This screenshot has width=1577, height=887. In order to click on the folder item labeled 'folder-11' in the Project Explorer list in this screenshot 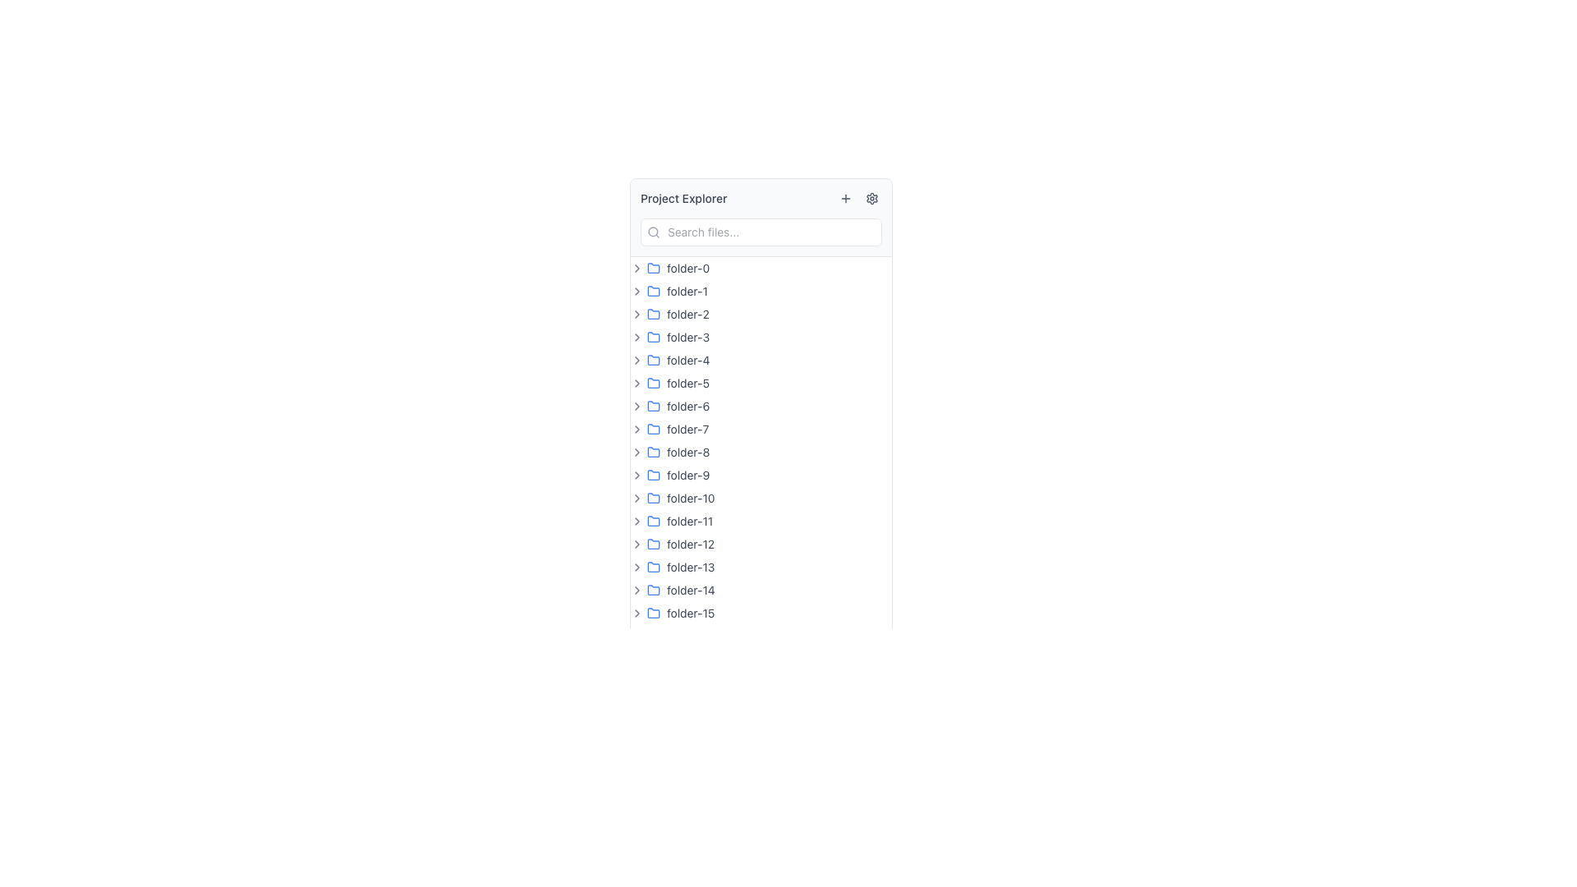, I will do `click(760, 522)`.